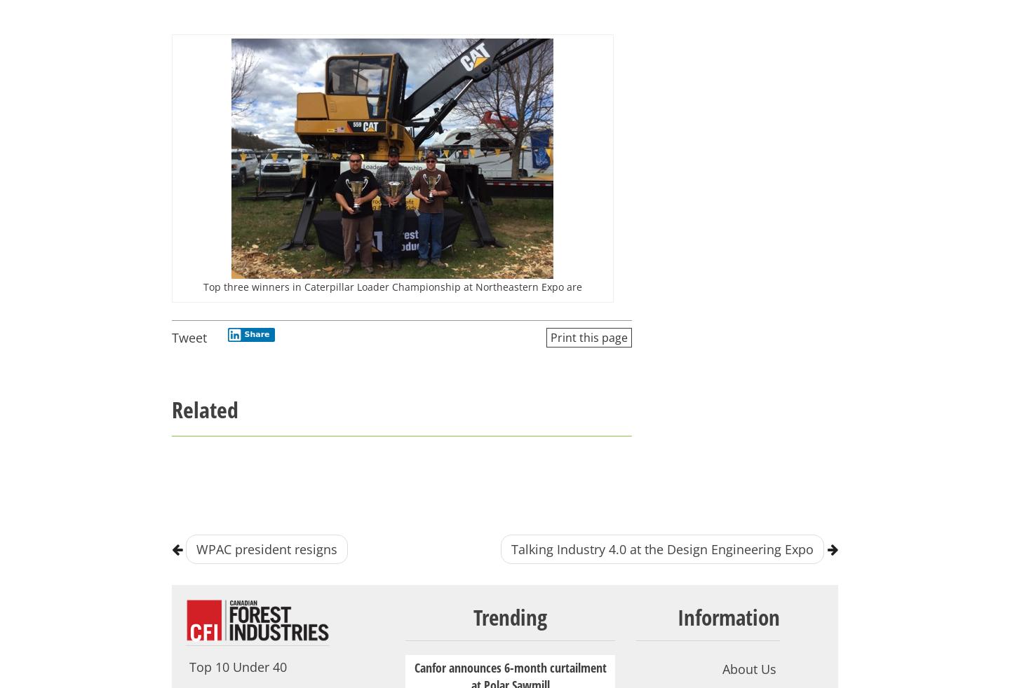 Image resolution: width=1010 pixels, height=688 pixels. What do you see at coordinates (749, 668) in the screenshot?
I see `'About Us'` at bounding box center [749, 668].